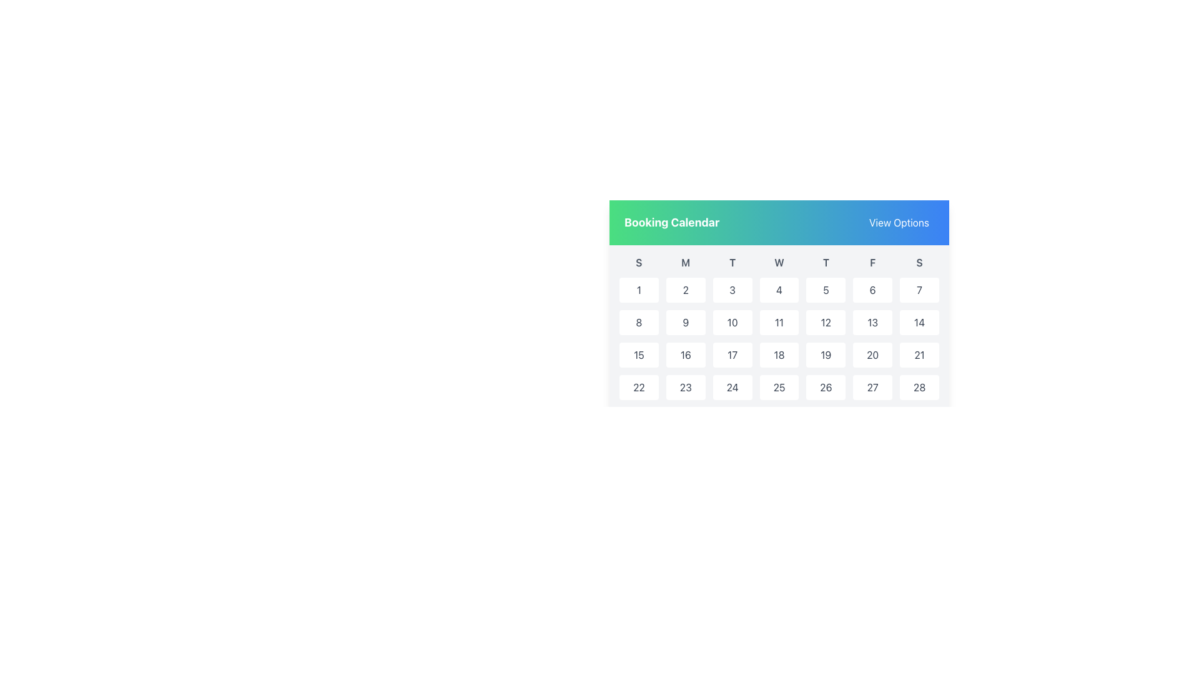  What do you see at coordinates (779, 321) in the screenshot?
I see `the Calendar Cell representing the day '11' in the second row under column 'W'` at bounding box center [779, 321].